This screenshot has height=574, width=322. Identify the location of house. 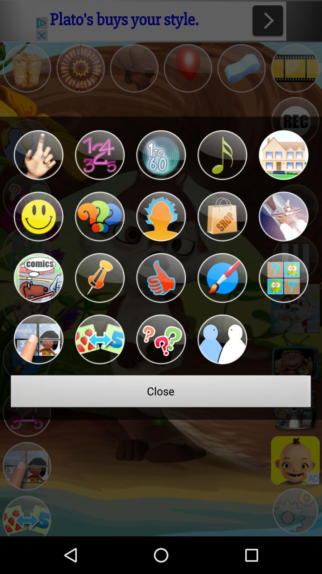
(283, 155).